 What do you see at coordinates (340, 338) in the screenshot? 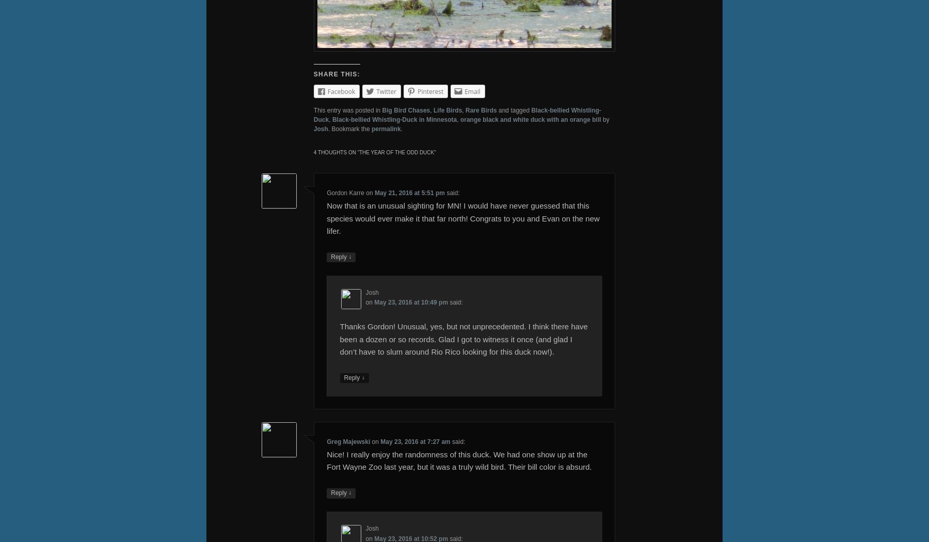
I see `'Thanks Gordon! Unusual, yes, but not unprecedented. I think there have been a dozen or so records. Glad I got to witness it once (and glad I don’t have to slum around Rio Rico looking for this duck now!).'` at bounding box center [340, 338].